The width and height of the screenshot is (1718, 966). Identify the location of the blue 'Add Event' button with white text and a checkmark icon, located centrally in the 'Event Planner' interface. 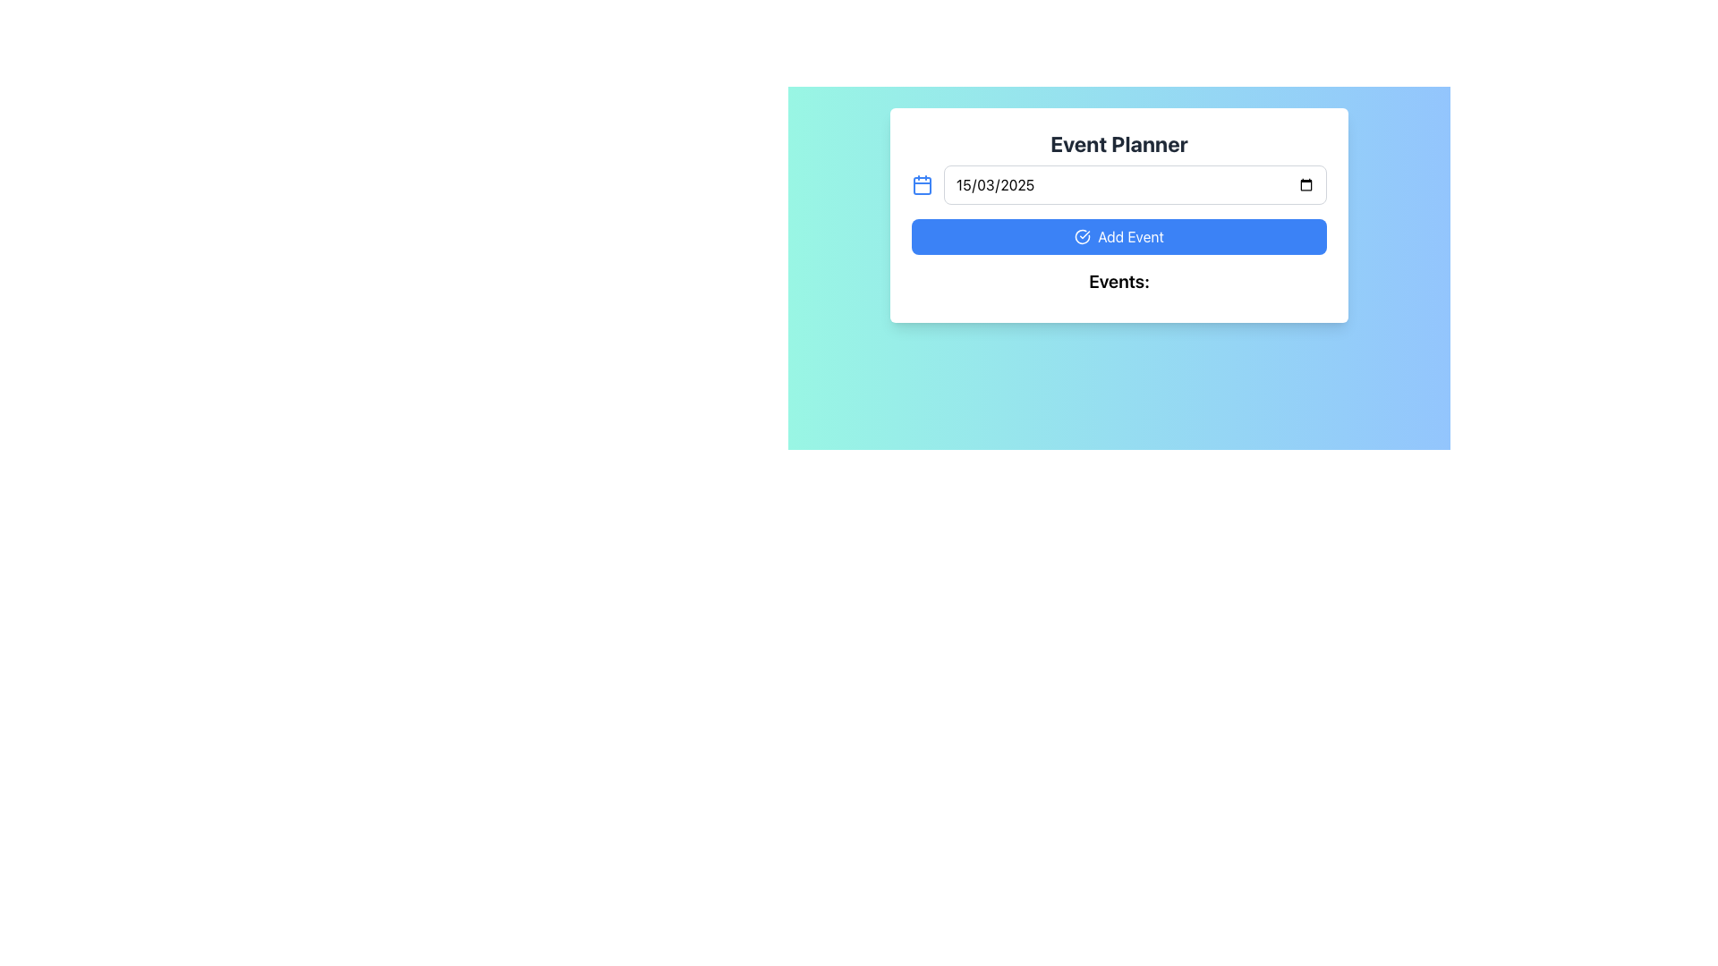
(1118, 236).